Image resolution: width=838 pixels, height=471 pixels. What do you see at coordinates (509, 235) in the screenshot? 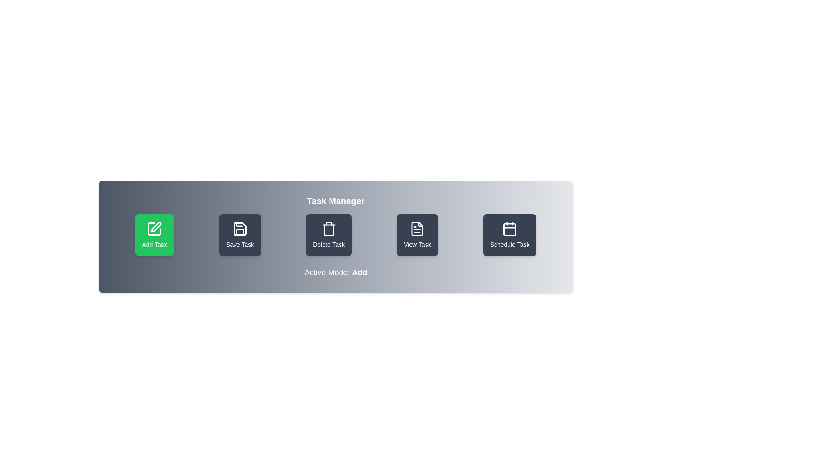
I see `the Schedule Task mode by clicking the respective button` at bounding box center [509, 235].